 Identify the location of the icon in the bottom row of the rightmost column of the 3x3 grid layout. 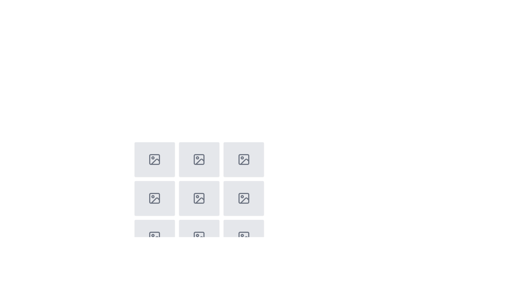
(154, 237).